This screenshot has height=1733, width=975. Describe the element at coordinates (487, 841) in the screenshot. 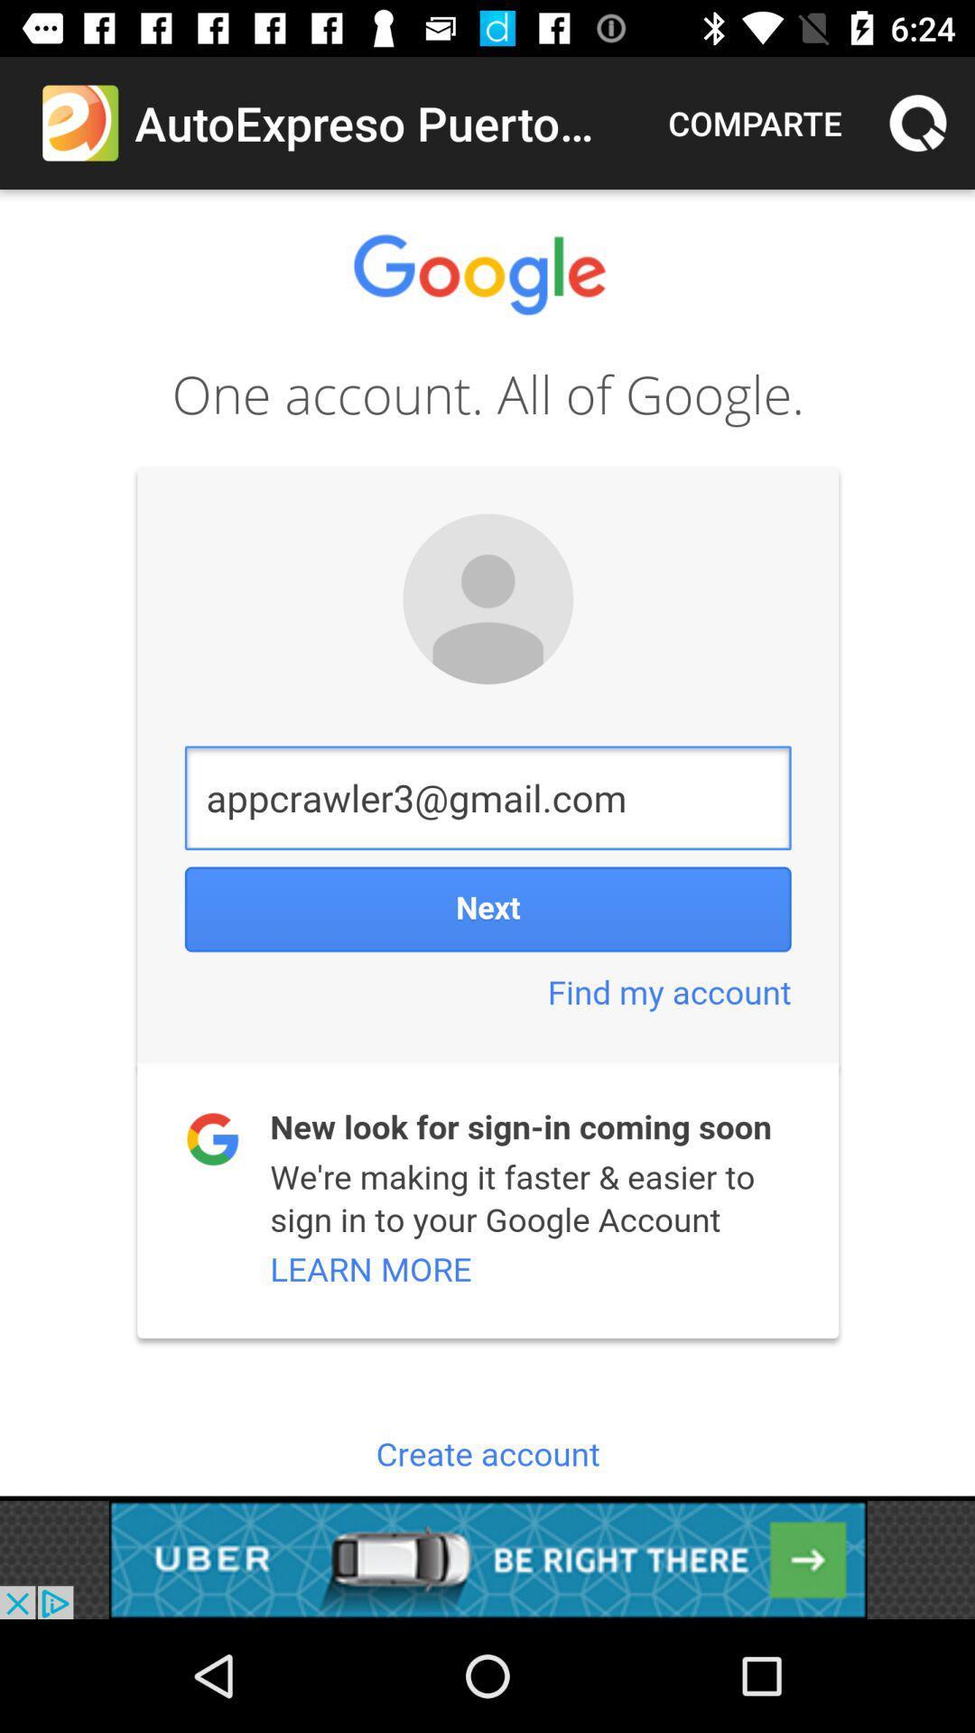

I see `sign up` at that location.